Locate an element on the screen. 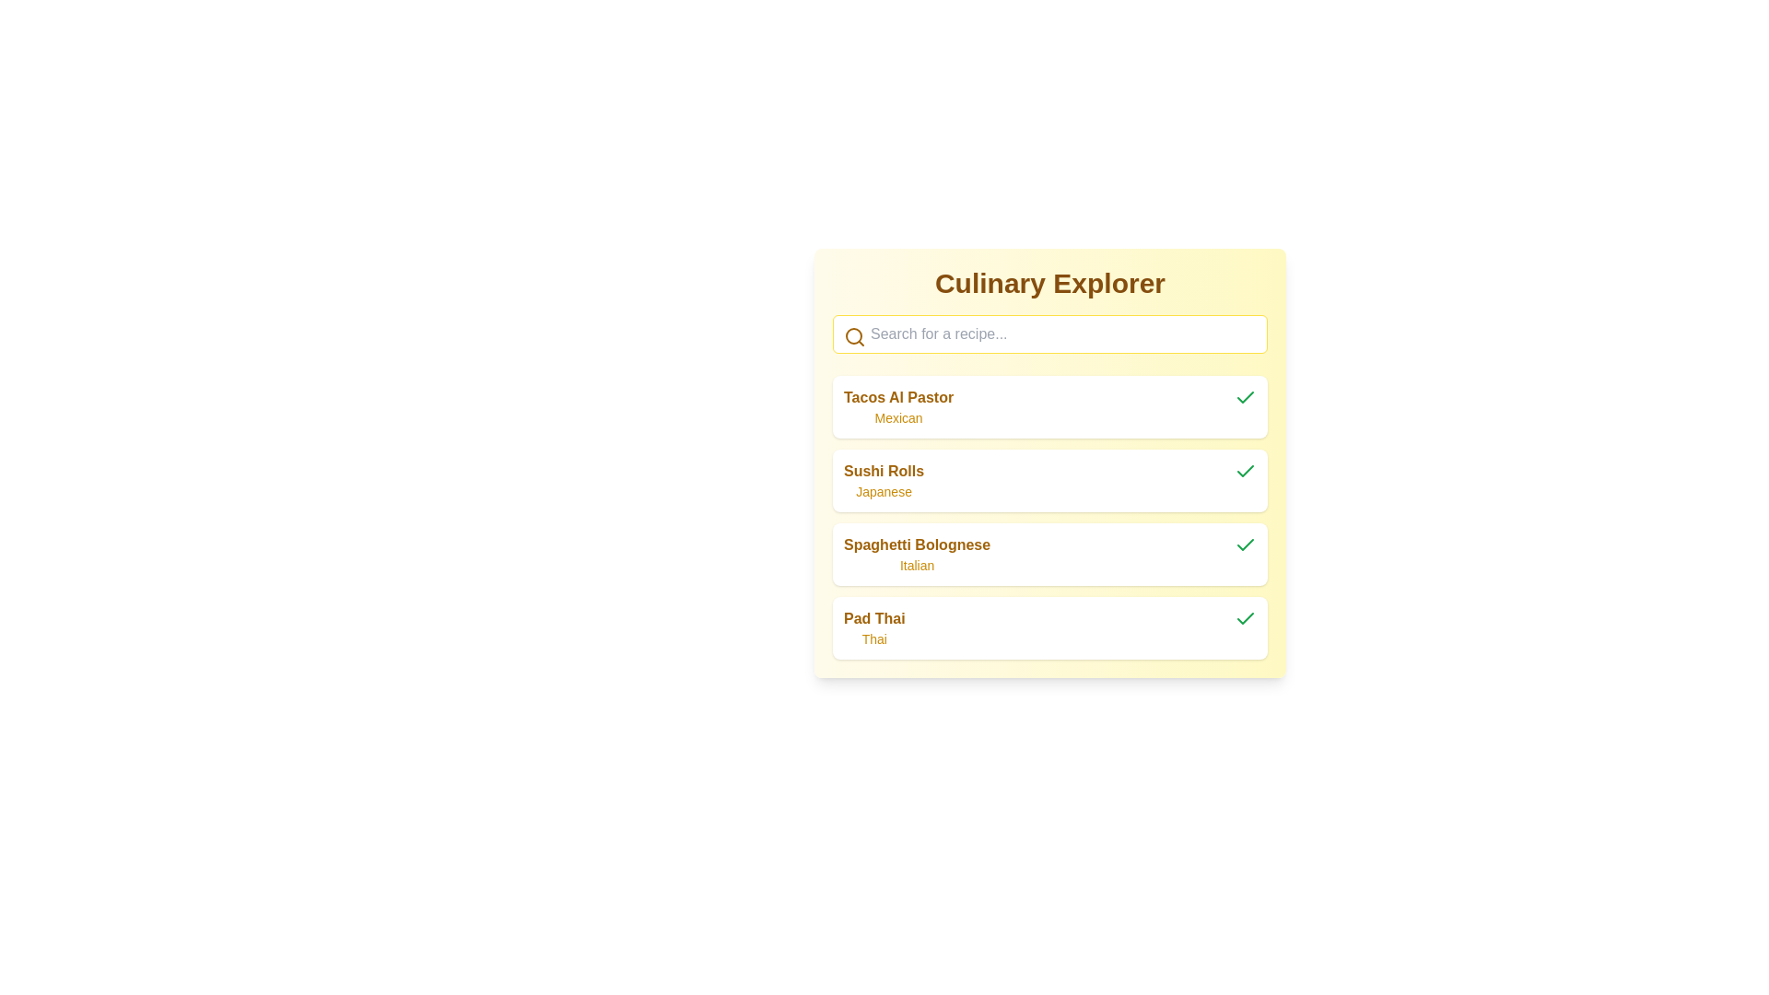 This screenshot has width=1769, height=995. the decorative Circle element that enhances the search icon, simulating the magnifying glass lens is located at coordinates (852, 336).